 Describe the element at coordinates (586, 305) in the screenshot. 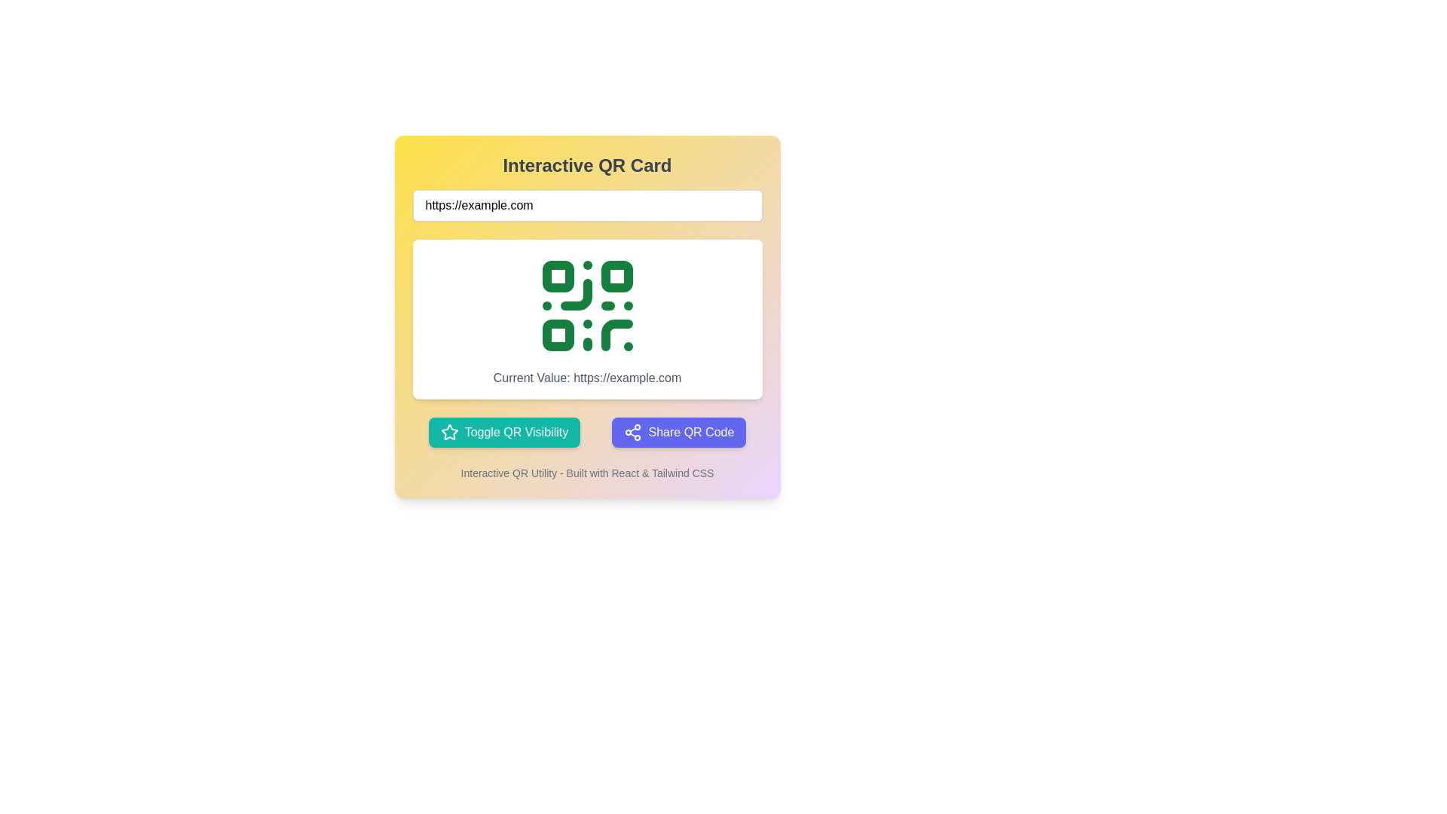

I see `the SVG Graphic representing the QR Code, which is centrally located beneath the header text input field and above the informational text and interactive buttons` at that location.